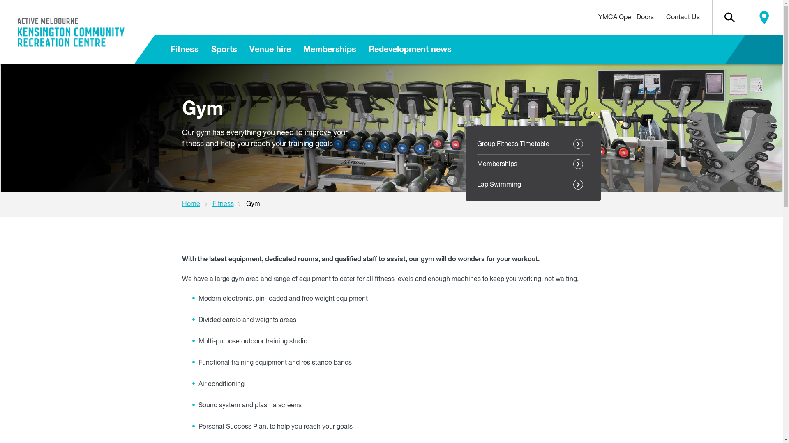 The height and width of the screenshot is (443, 789). Describe the element at coordinates (224, 50) in the screenshot. I see `'Sports'` at that location.